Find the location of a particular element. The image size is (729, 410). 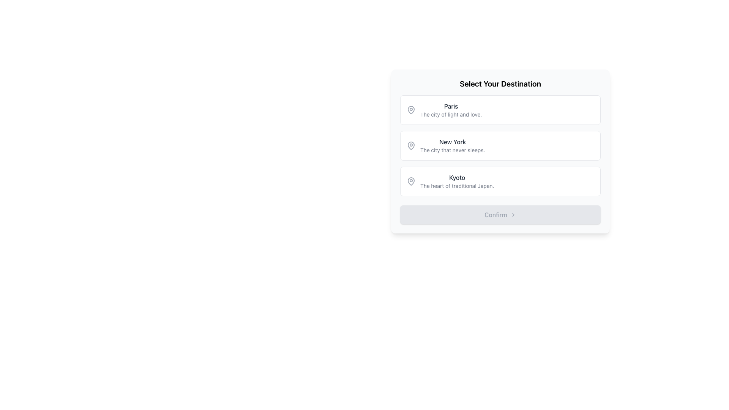

text displayed prominently as 'Paris' and the phrase 'The city of light and love.' in the text display located at the top of the destination selection card is located at coordinates (451, 110).